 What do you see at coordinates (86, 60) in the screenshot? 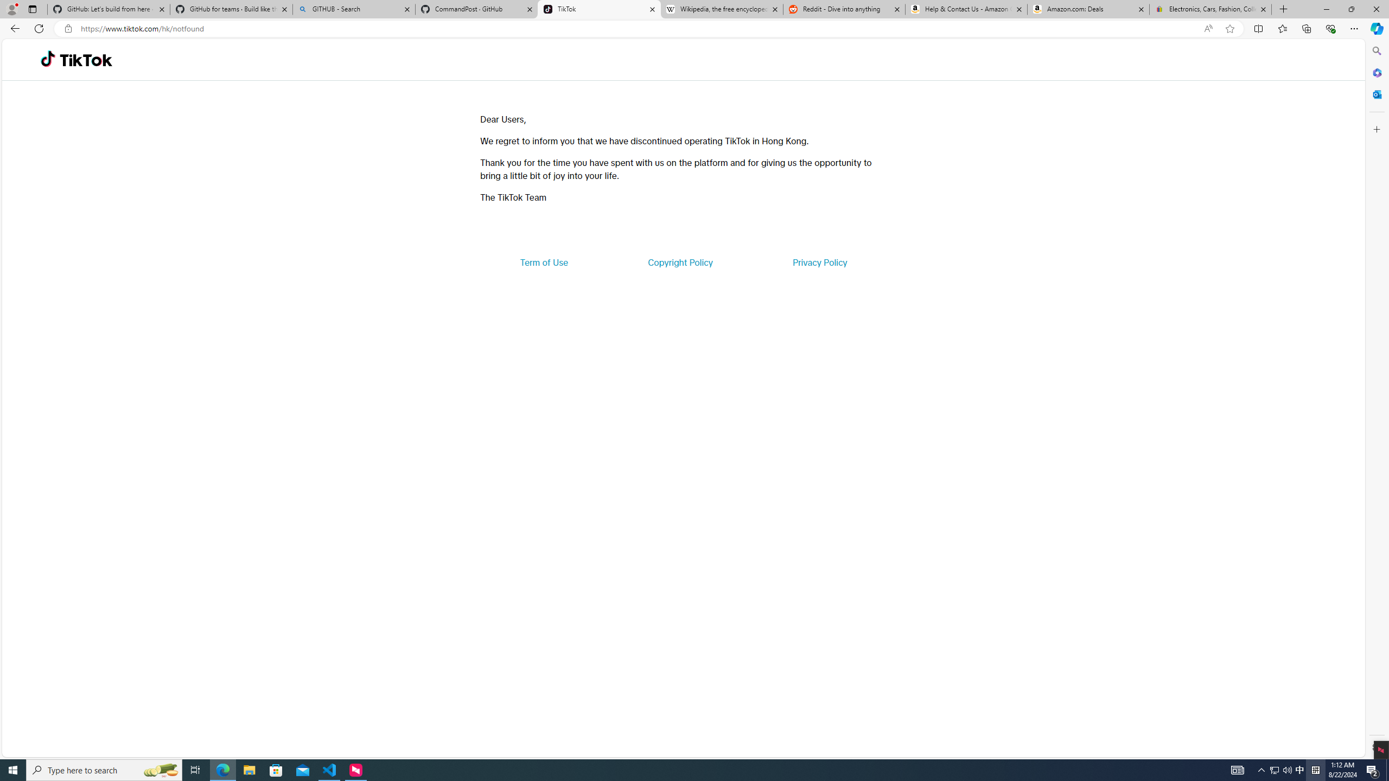
I see `'TikTok'` at bounding box center [86, 60].